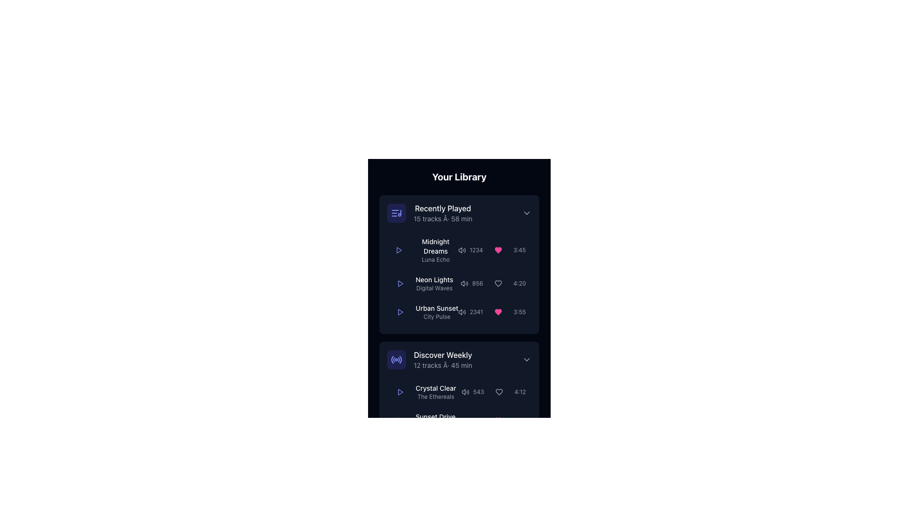 Image resolution: width=913 pixels, height=514 pixels. Describe the element at coordinates (435, 249) in the screenshot. I see `the text label displaying 'Midnight Dreams' with the subtitle 'Luna Echo' in the 'Recently Played' section` at that location.